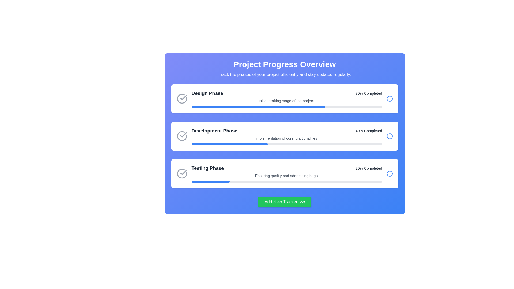 This screenshot has width=514, height=289. What do you see at coordinates (284, 202) in the screenshot?
I see `the green 'Add New Tracker' button with a rightward-pointing arrow icon to observe any hover effects` at bounding box center [284, 202].